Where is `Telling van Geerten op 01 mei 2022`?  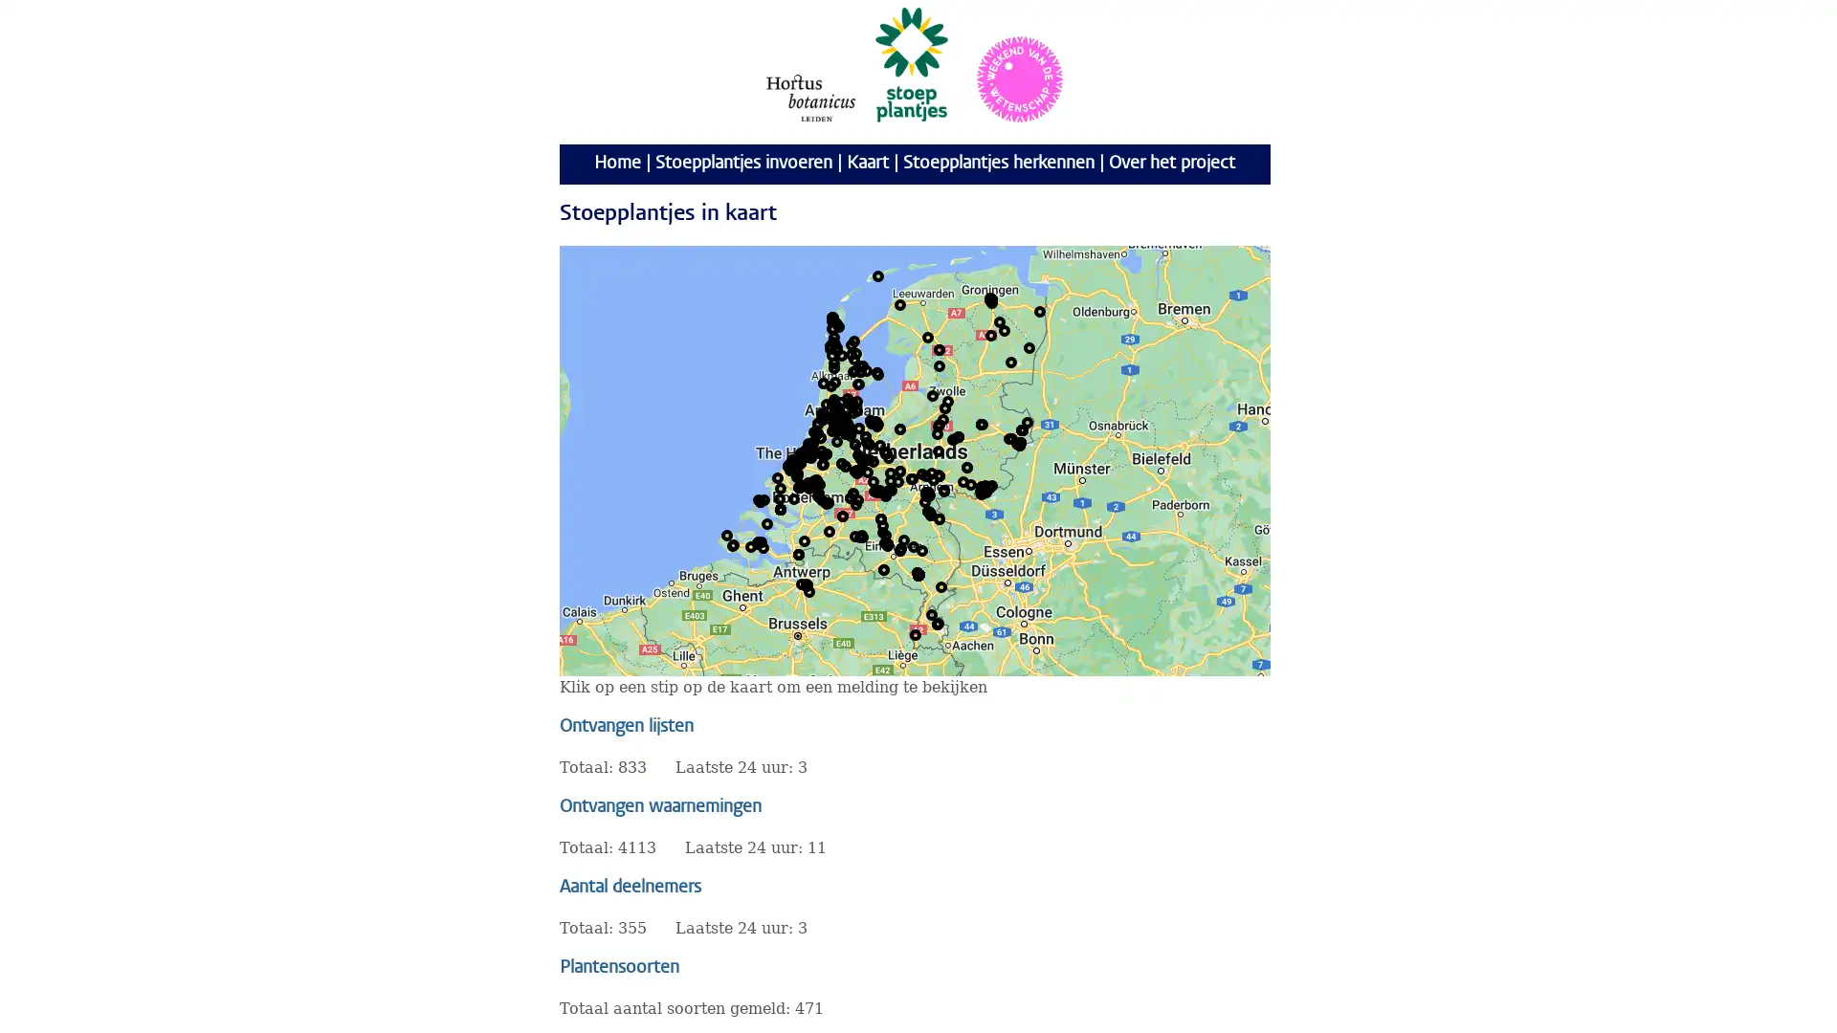 Telling van Geerten op 01 mei 2022 is located at coordinates (924, 500).